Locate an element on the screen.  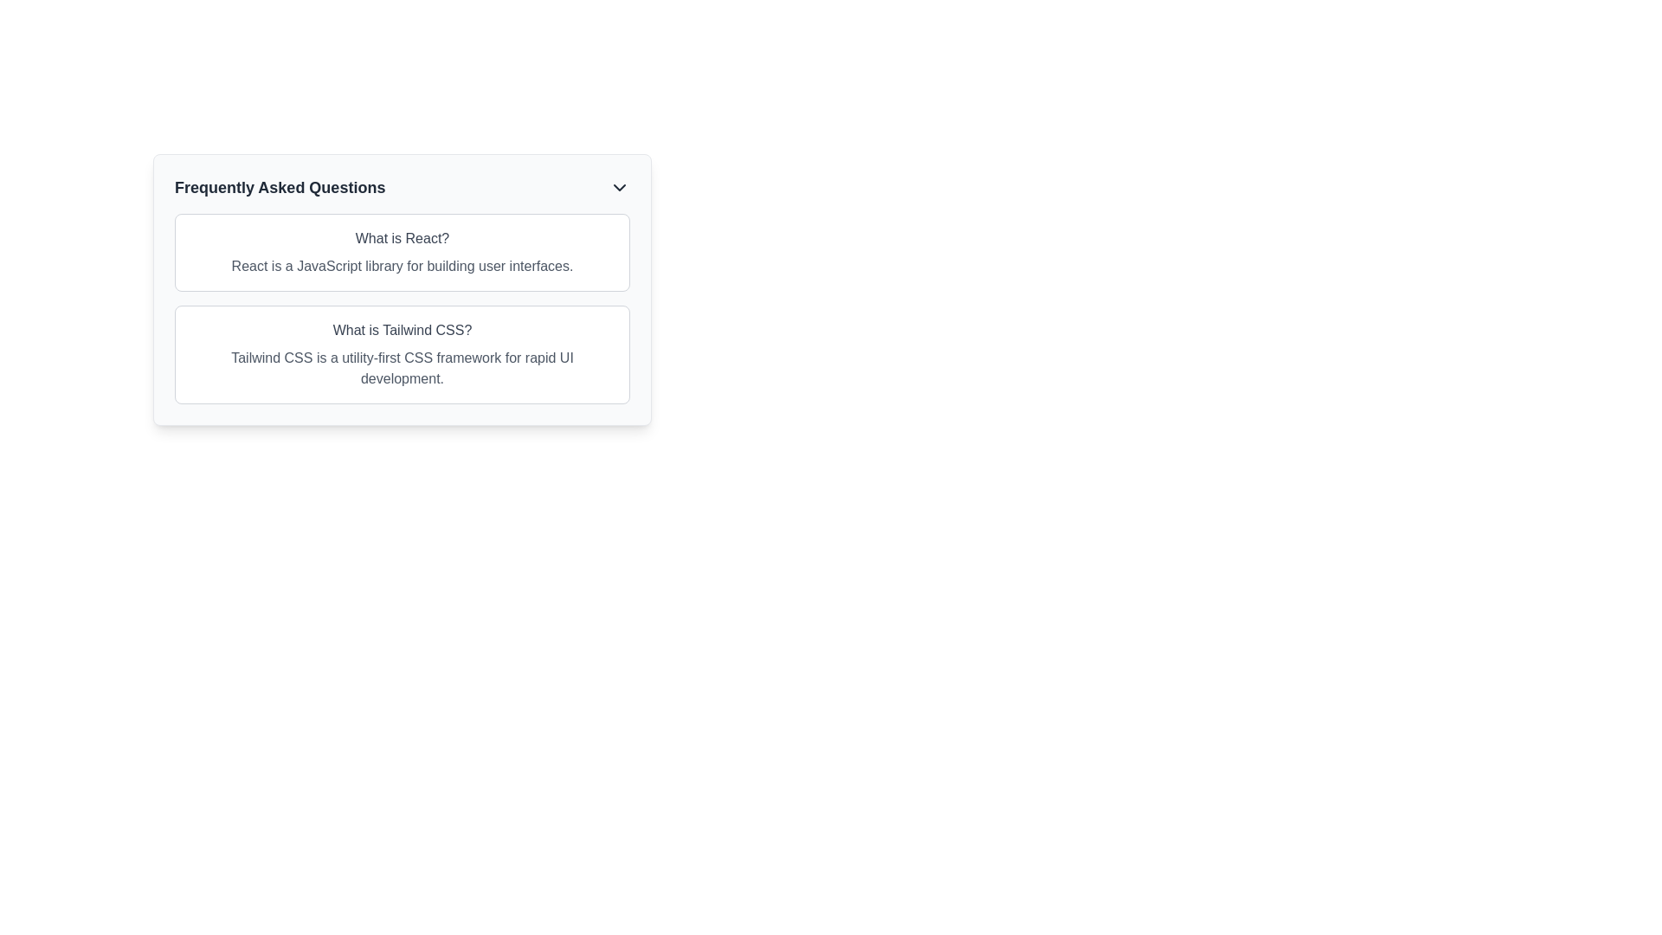
text heading that says 'What is Tailwind CSS?' located in the Frequently Asked Questions panel is located at coordinates (402, 330).